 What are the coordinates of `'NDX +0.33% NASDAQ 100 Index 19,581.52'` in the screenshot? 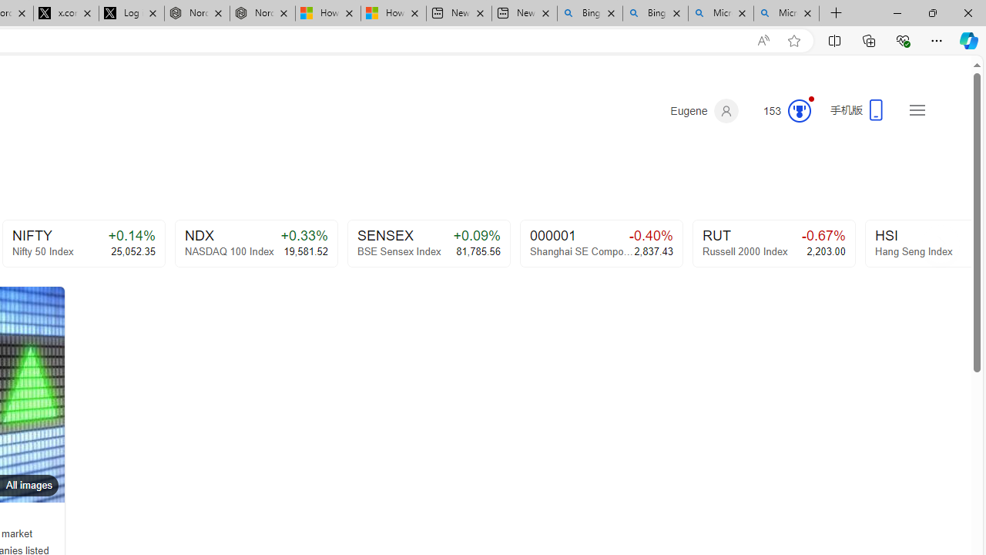 It's located at (256, 243).